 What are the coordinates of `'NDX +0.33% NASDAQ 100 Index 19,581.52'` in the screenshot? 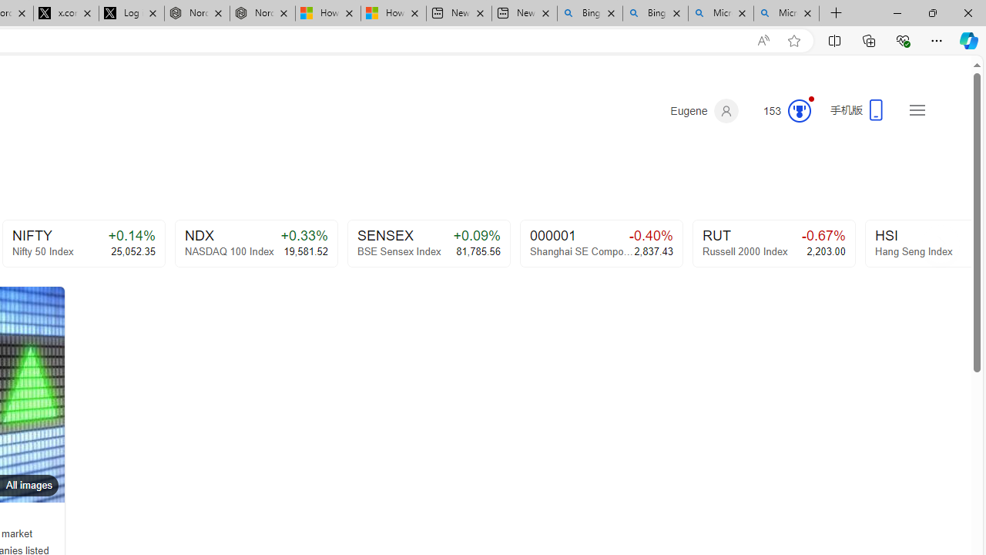 It's located at (256, 243).